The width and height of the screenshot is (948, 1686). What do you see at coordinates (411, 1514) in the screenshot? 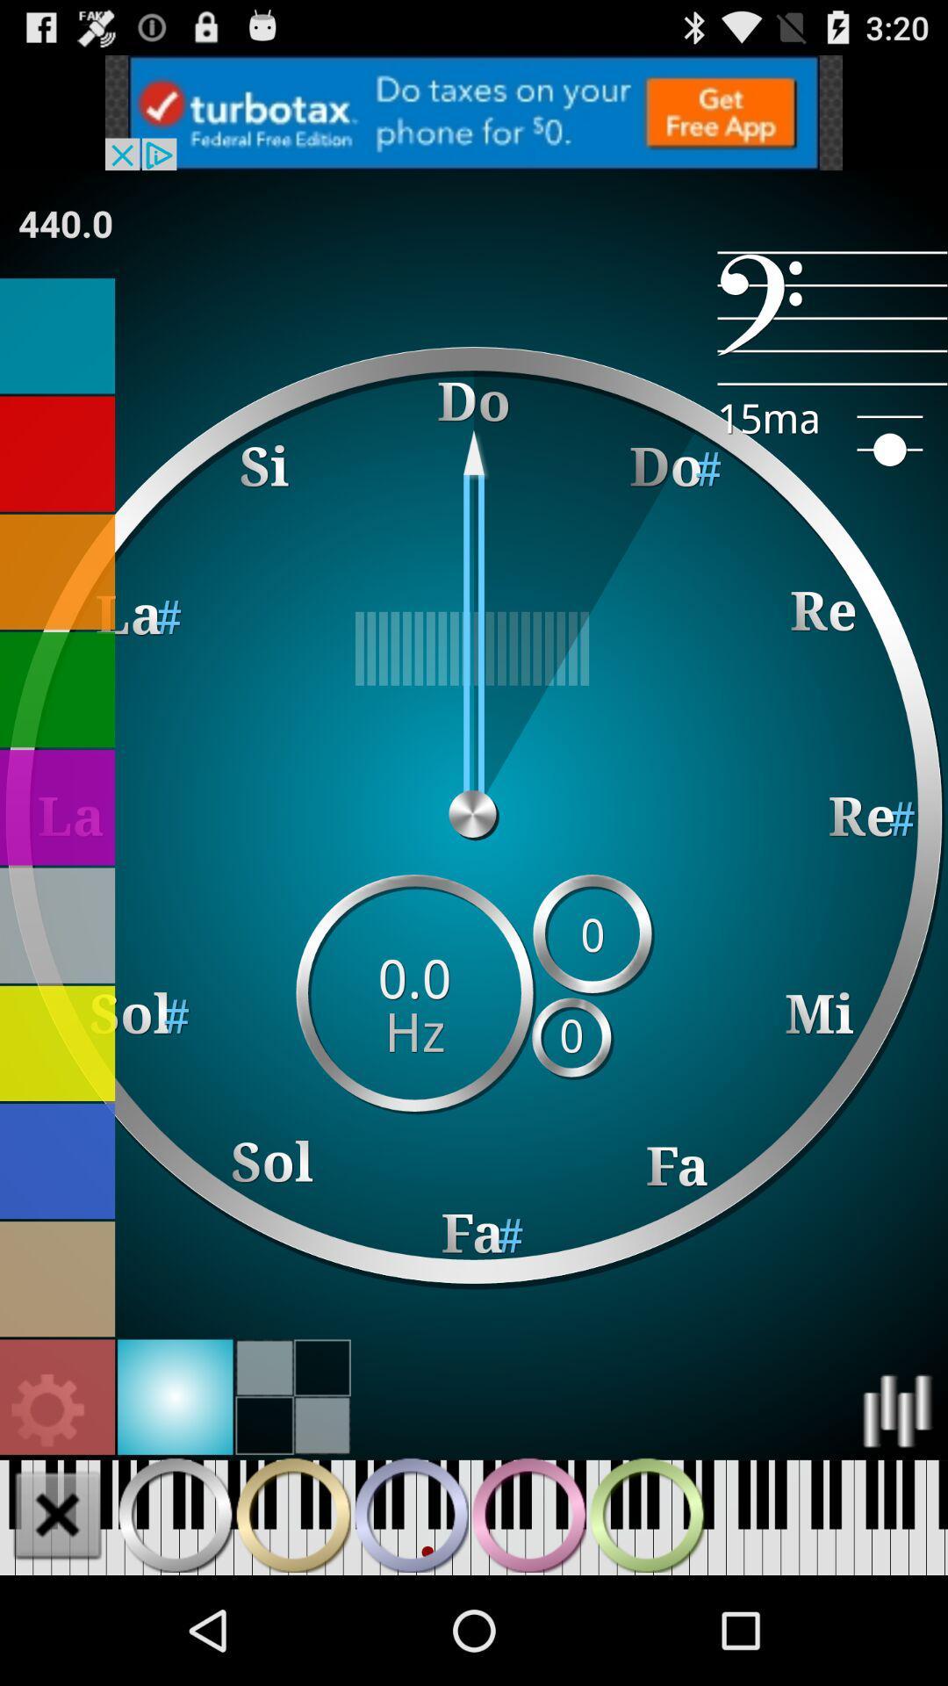
I see `music keyboard button` at bounding box center [411, 1514].